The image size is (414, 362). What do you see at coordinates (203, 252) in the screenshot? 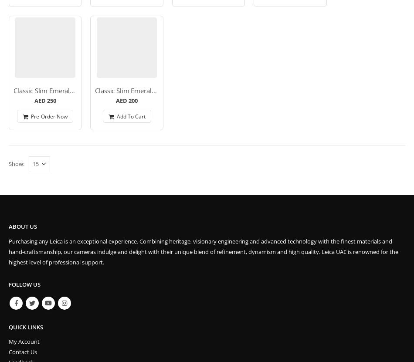
I see `'Purchasing any Leica is an exceptional experience. Combining heritage, visionary engineering and advanced technology with the finest materials and hand-craftsmanship, our cameras indulge and delight with their unique blend of refinement, dynamism and high quality. Leica UAE is renowned for the highest level of professional support.'` at bounding box center [203, 252].